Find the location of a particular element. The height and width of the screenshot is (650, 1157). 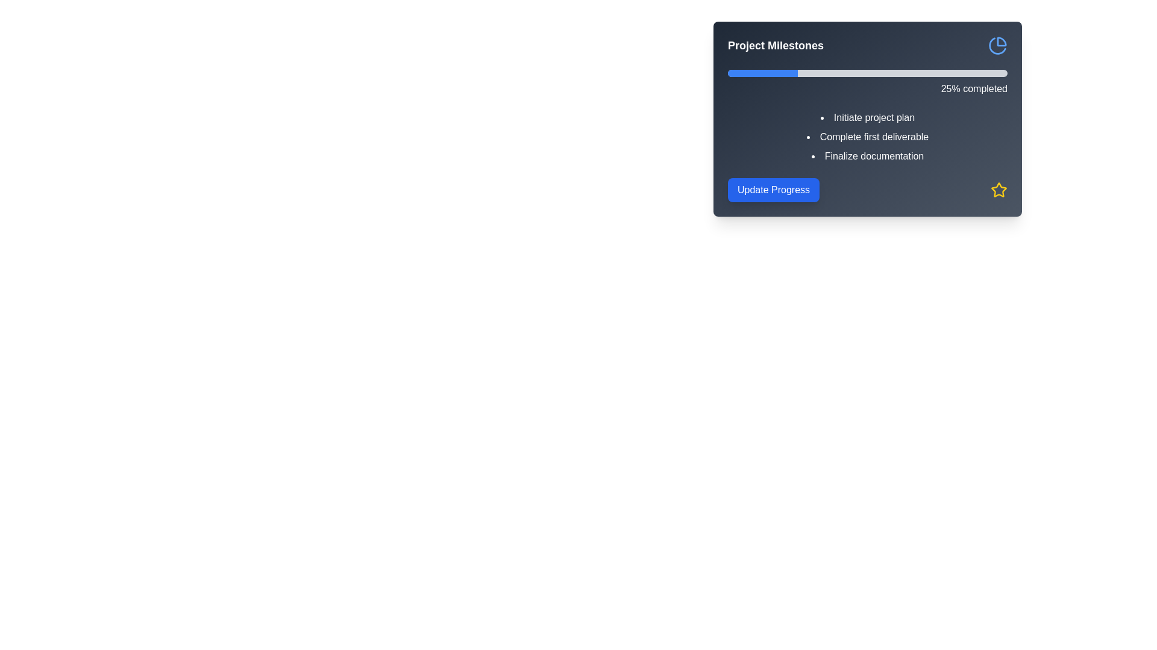

progress is located at coordinates (763, 73).